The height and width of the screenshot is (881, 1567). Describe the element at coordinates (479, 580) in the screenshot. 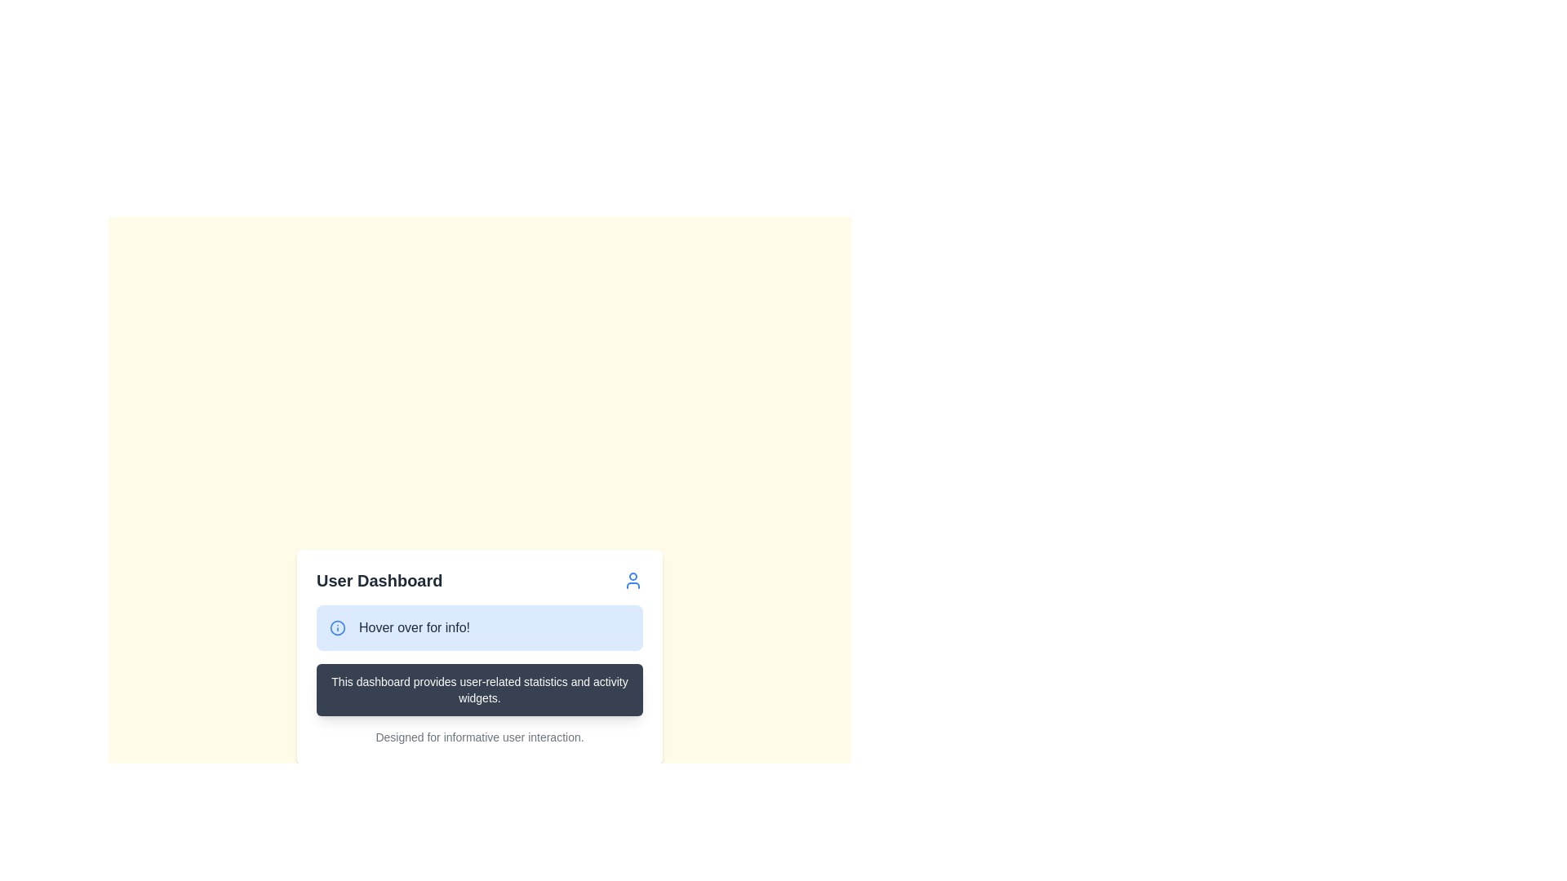

I see `the user icon accompanying the 'User Dashboard' title in the header component` at that location.